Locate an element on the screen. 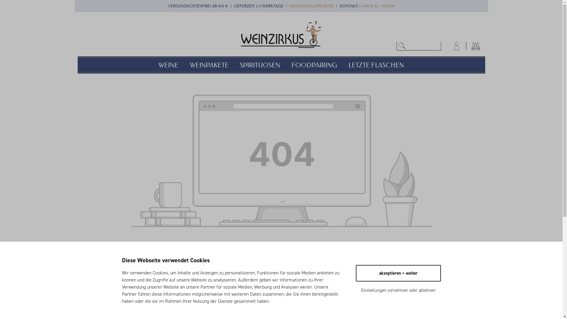 This screenshot has width=567, height=319. '(+49) 91 82 - 930919' is located at coordinates (377, 6).